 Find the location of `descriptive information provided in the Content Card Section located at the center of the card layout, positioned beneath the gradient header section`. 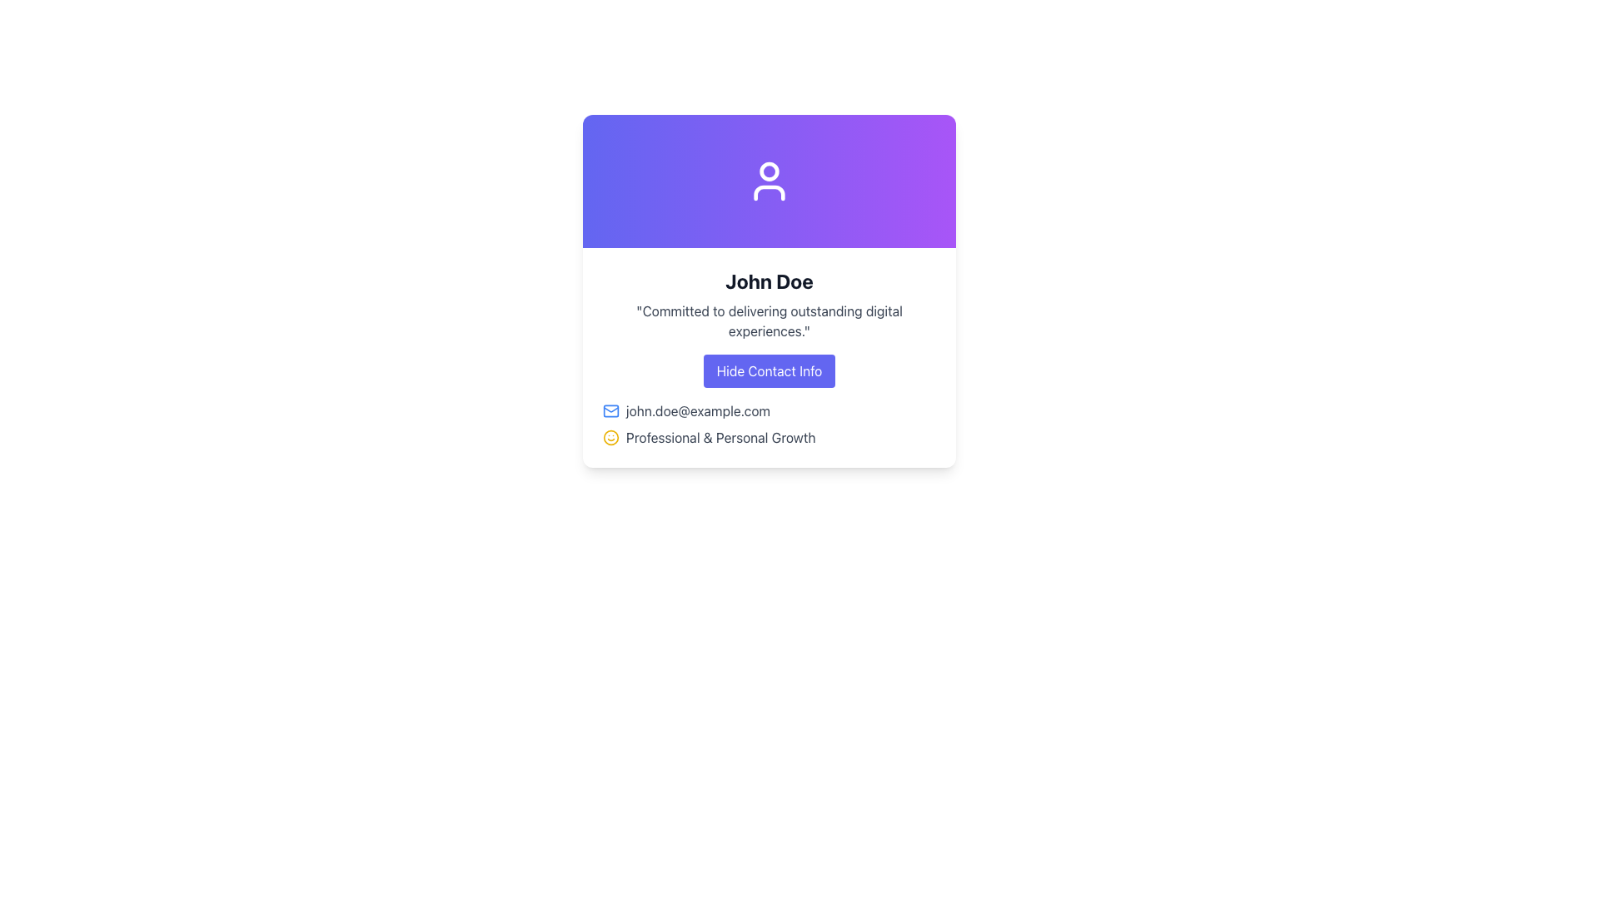

descriptive information provided in the Content Card Section located at the center of the card layout, positioned beneath the gradient header section is located at coordinates (769, 356).